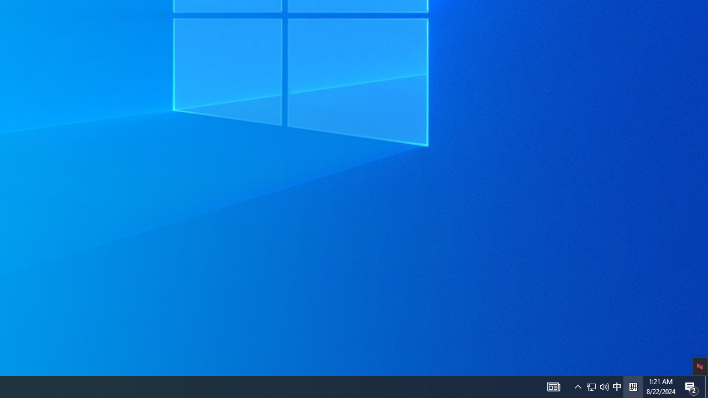 This screenshot has width=708, height=398. Describe the element at coordinates (616, 386) in the screenshot. I see `'User Promoted Notification Area'` at that location.